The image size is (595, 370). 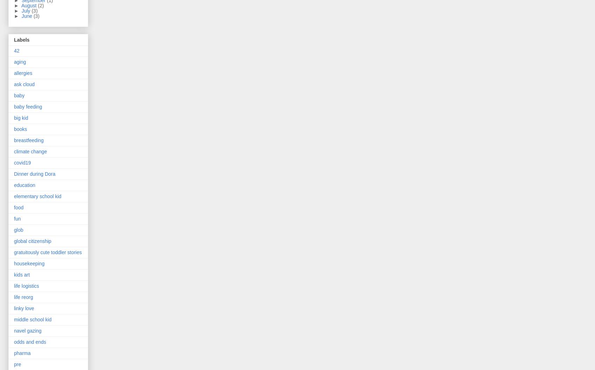 I want to click on 'elementary school kid', so click(x=37, y=196).